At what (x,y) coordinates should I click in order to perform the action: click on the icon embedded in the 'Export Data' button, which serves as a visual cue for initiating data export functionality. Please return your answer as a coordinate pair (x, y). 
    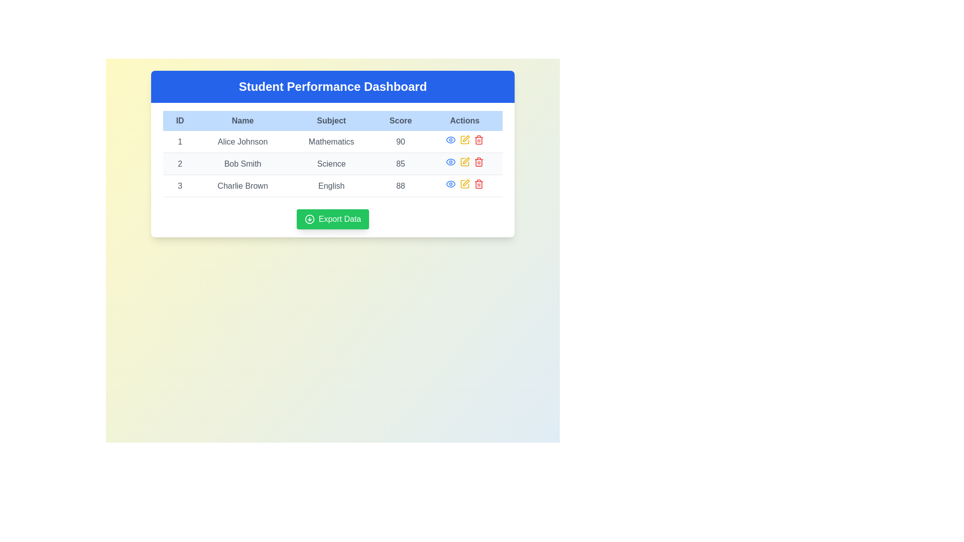
    Looking at the image, I should click on (309, 218).